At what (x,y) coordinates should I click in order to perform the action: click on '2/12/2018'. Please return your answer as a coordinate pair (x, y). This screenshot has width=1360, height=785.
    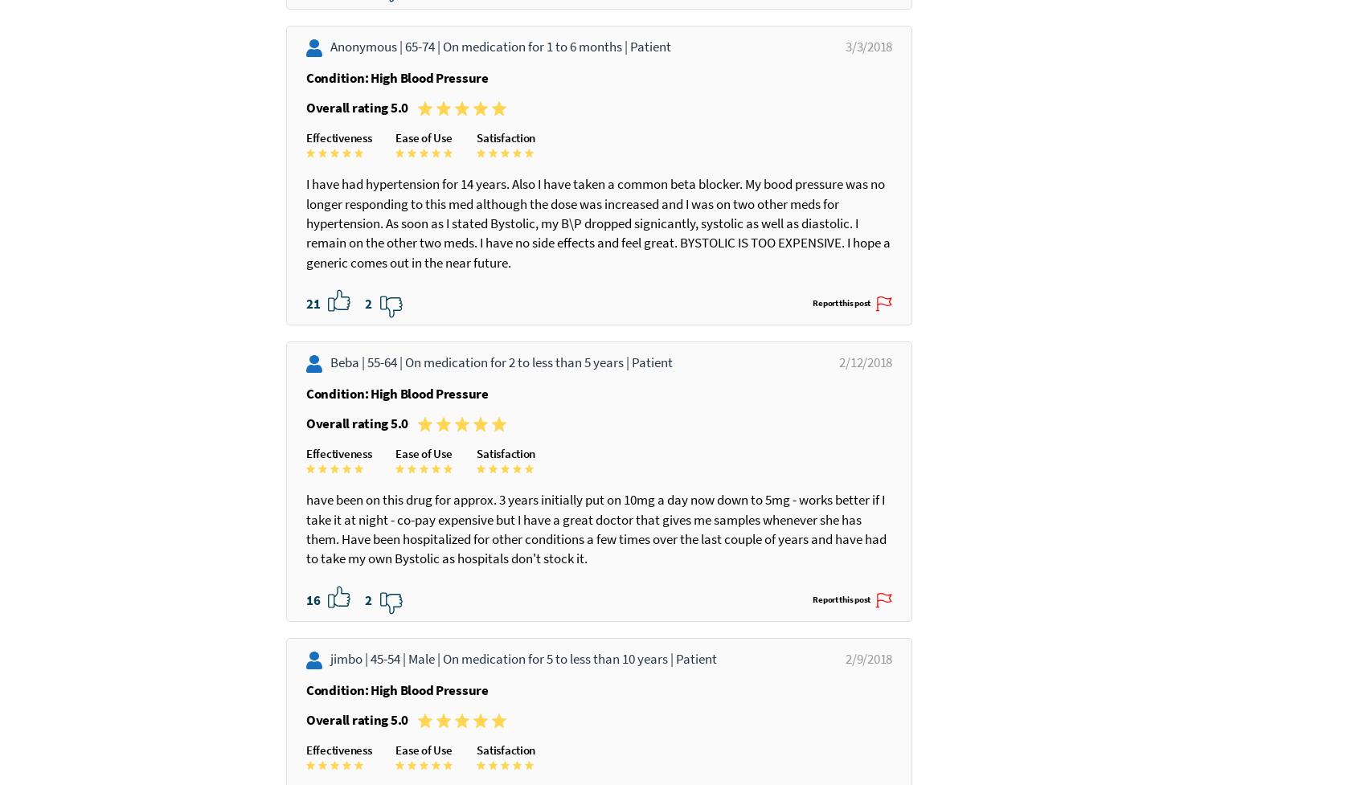
    Looking at the image, I should click on (844, 497).